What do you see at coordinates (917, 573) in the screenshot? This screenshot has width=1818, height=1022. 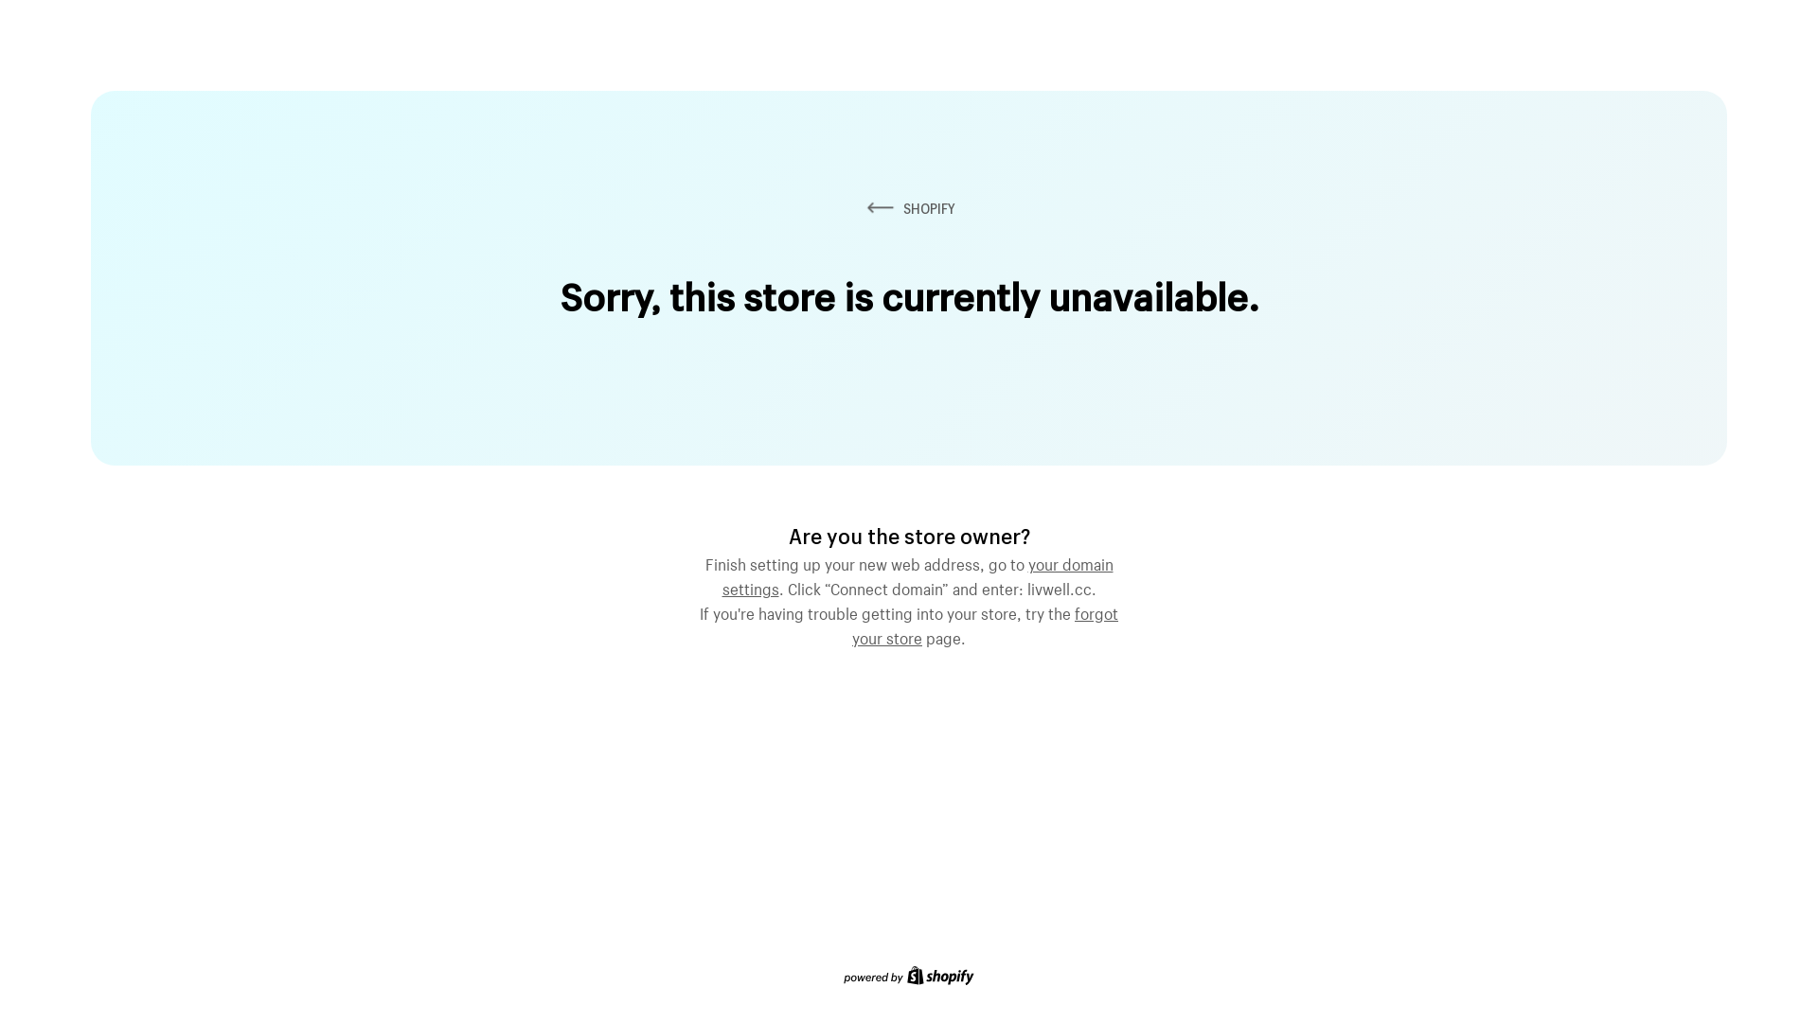 I see `'your domain settings'` at bounding box center [917, 573].